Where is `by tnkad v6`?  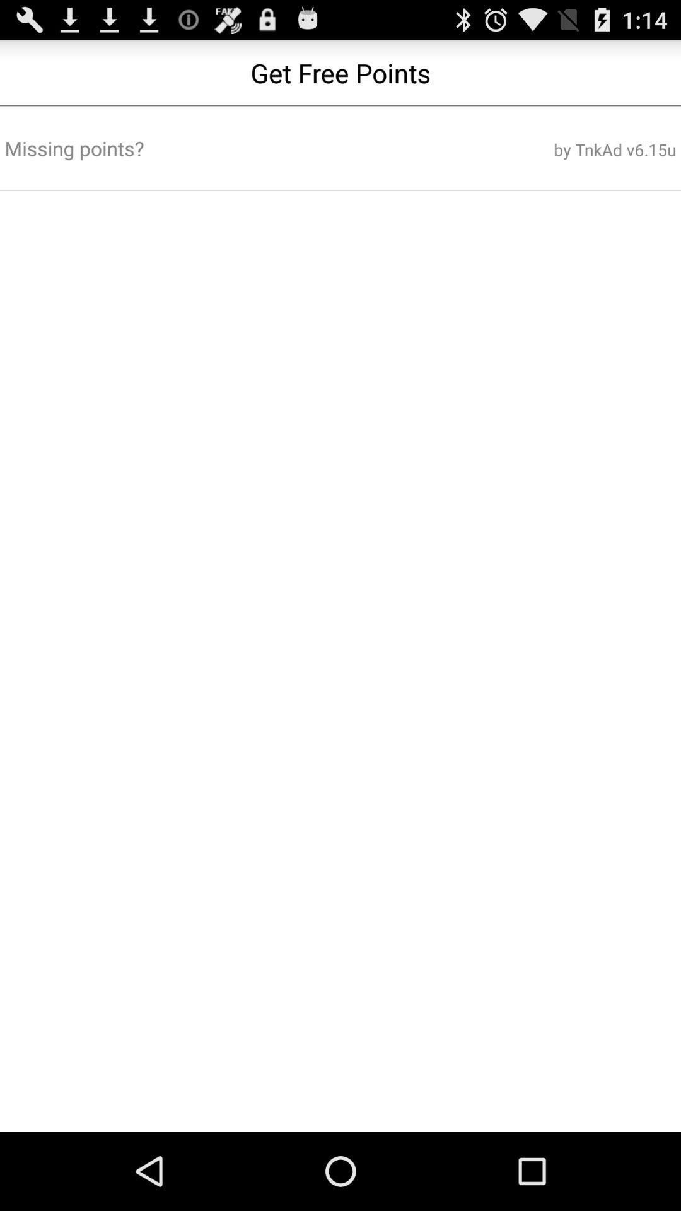 by tnkad v6 is located at coordinates (562, 149).